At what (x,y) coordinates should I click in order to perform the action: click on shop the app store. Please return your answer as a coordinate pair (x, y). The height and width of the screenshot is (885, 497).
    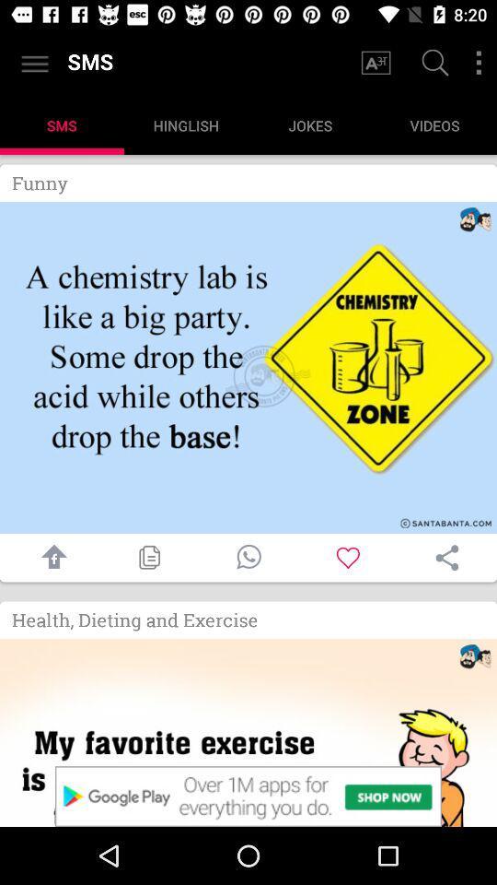
    Looking at the image, I should click on (248, 732).